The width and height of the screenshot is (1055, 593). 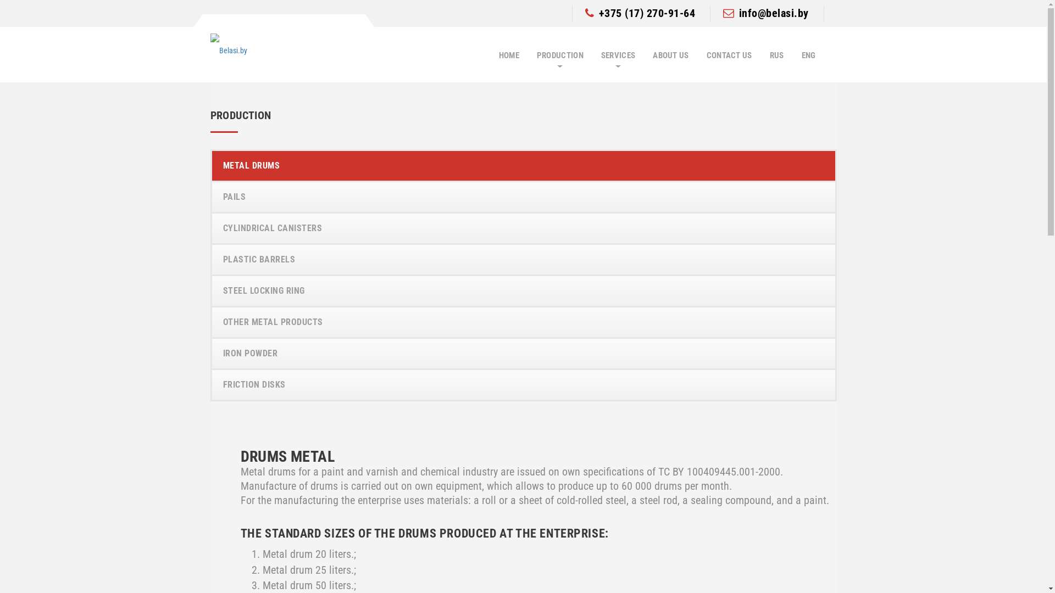 What do you see at coordinates (765, 13) in the screenshot?
I see `'info@belasi.by'` at bounding box center [765, 13].